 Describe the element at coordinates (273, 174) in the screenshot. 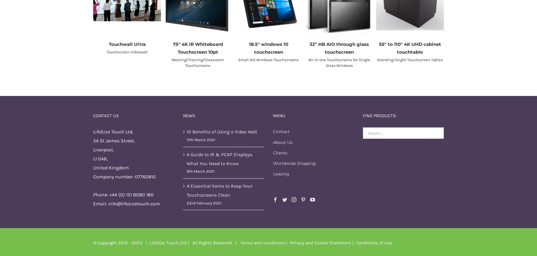

I see `'Leasing'` at that location.